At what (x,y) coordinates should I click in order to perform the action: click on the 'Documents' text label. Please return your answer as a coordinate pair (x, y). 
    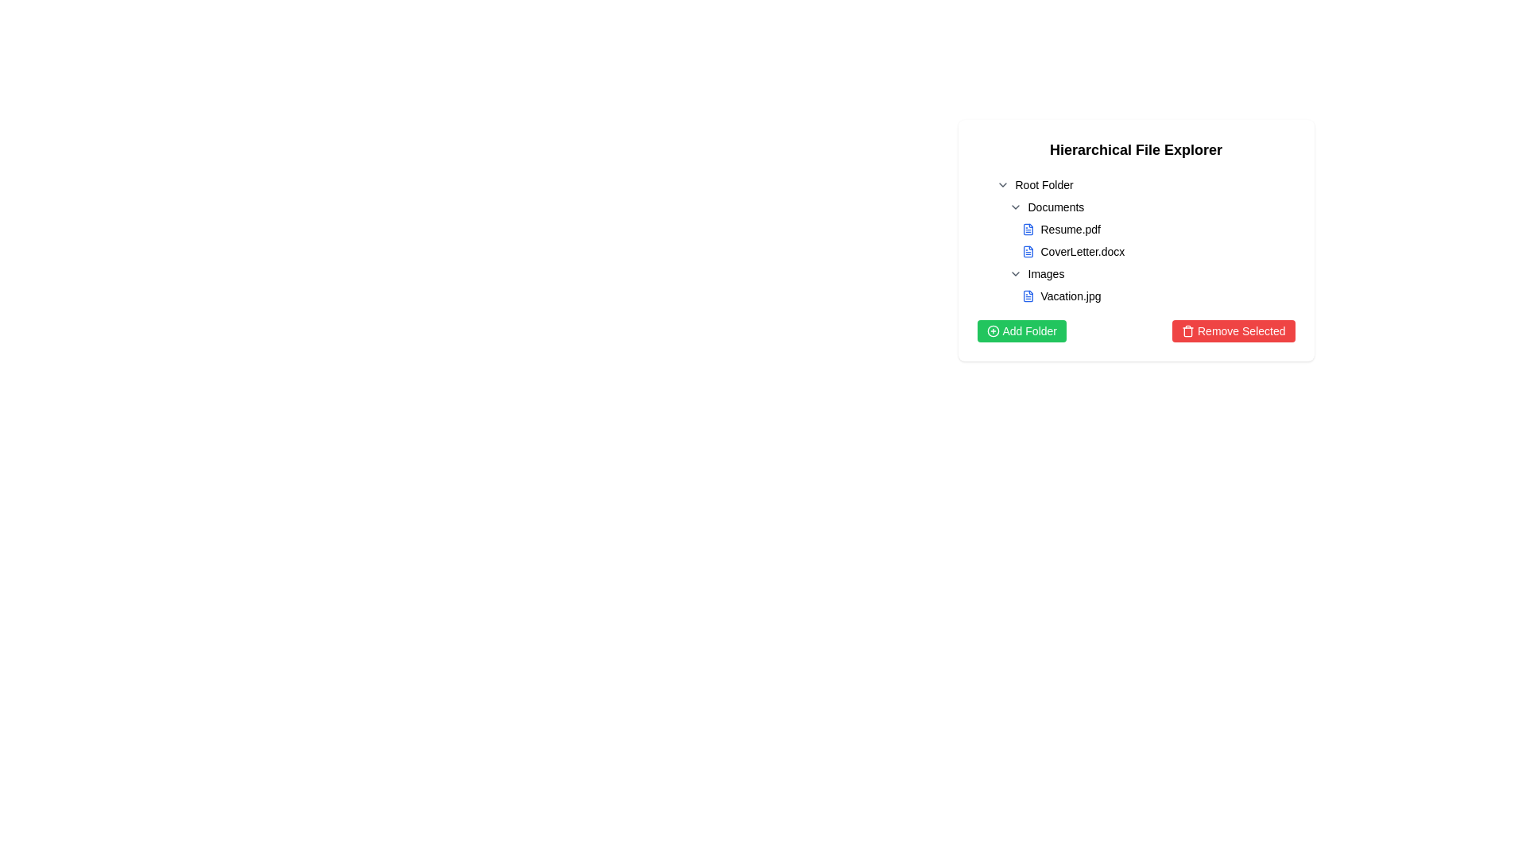
    Looking at the image, I should click on (1055, 207).